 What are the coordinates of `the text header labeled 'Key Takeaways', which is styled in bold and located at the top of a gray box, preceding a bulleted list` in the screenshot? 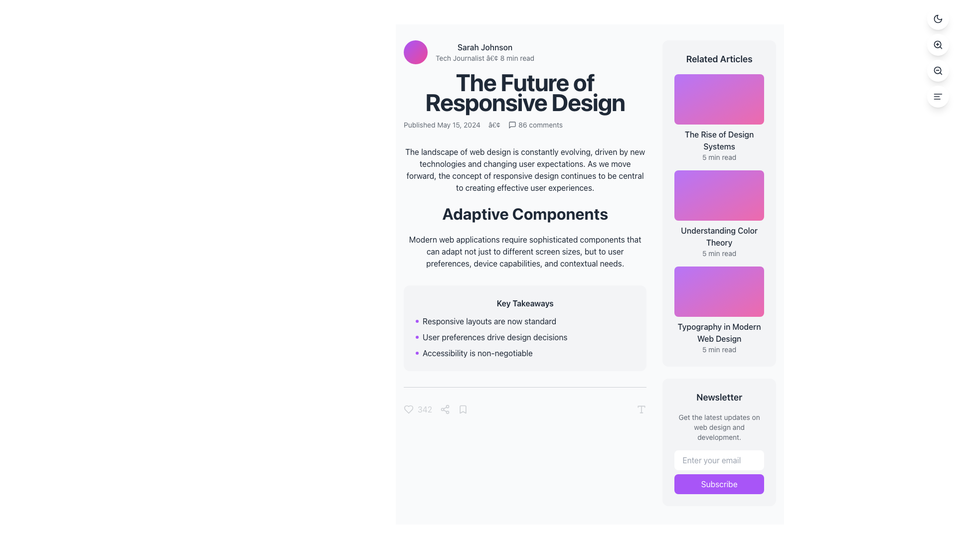 It's located at (524, 303).